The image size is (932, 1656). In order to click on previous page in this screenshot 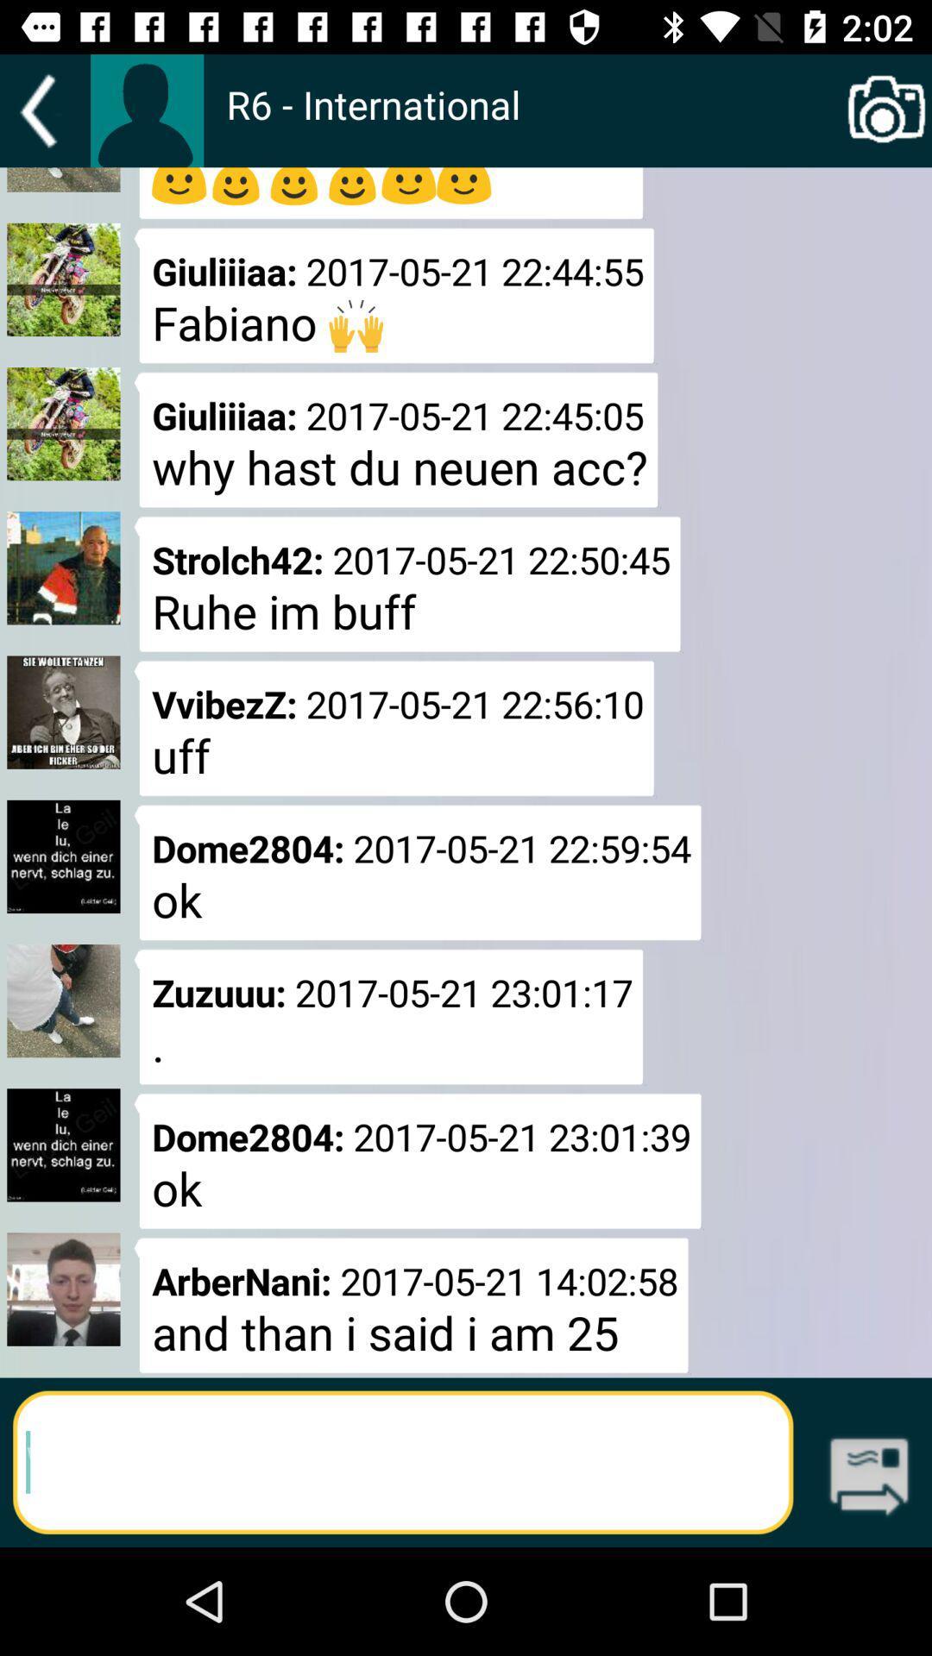, I will do `click(44, 110)`.